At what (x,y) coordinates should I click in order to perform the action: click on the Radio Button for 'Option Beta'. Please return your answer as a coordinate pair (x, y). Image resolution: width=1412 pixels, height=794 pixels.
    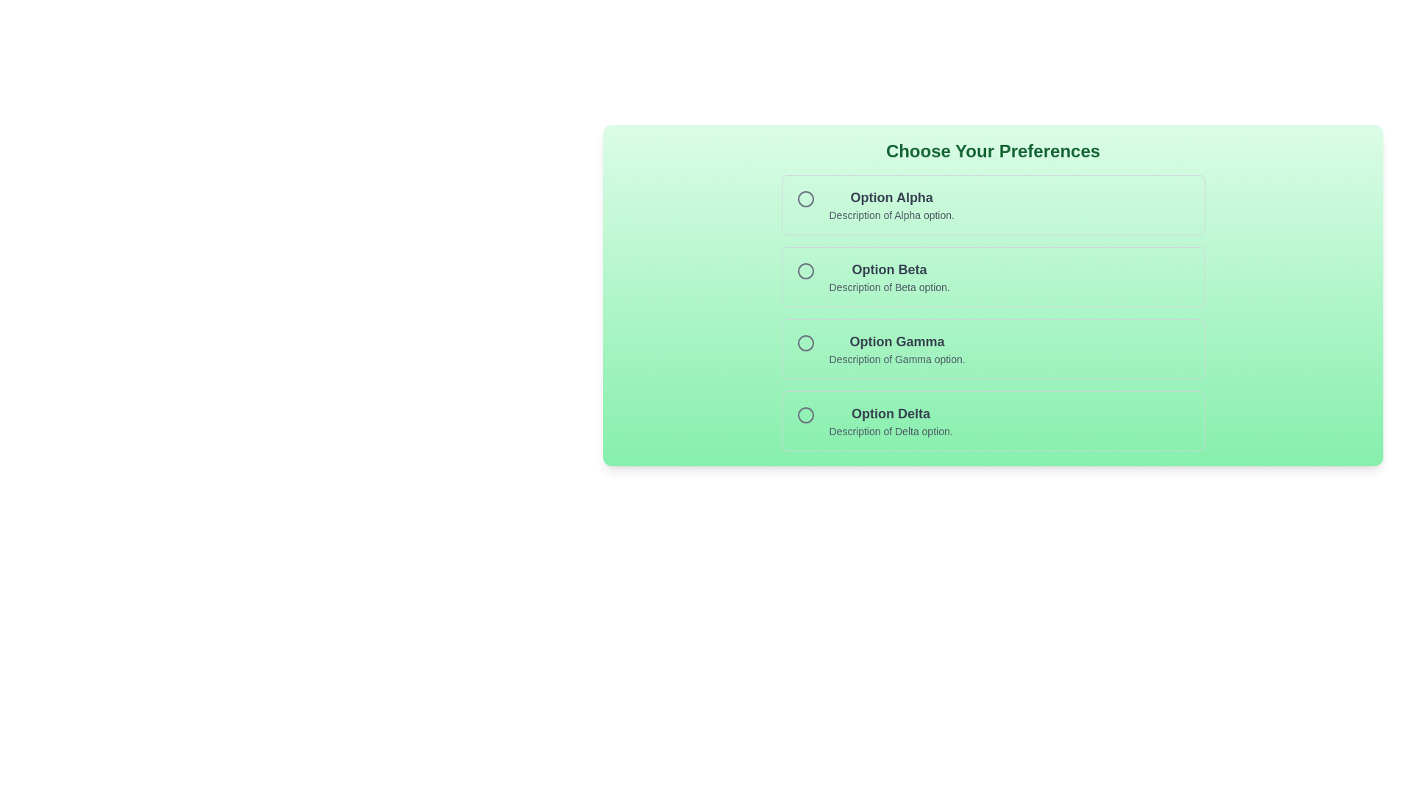
    Looking at the image, I should click on (805, 271).